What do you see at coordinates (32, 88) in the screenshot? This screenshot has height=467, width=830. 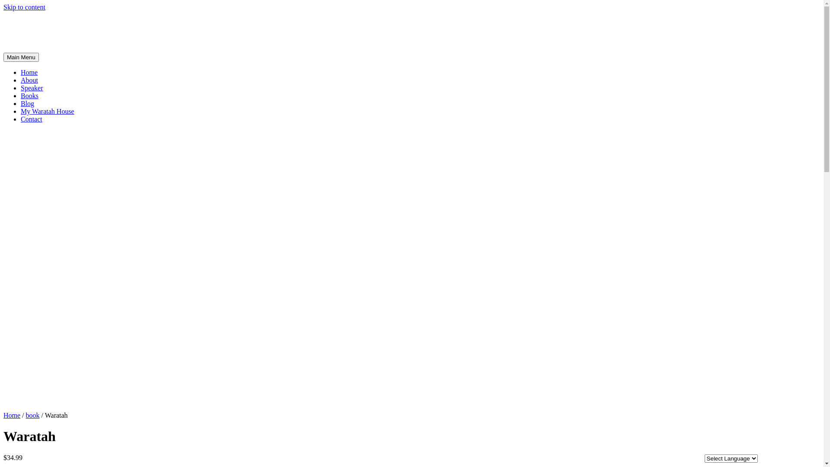 I see `'Speaker'` at bounding box center [32, 88].